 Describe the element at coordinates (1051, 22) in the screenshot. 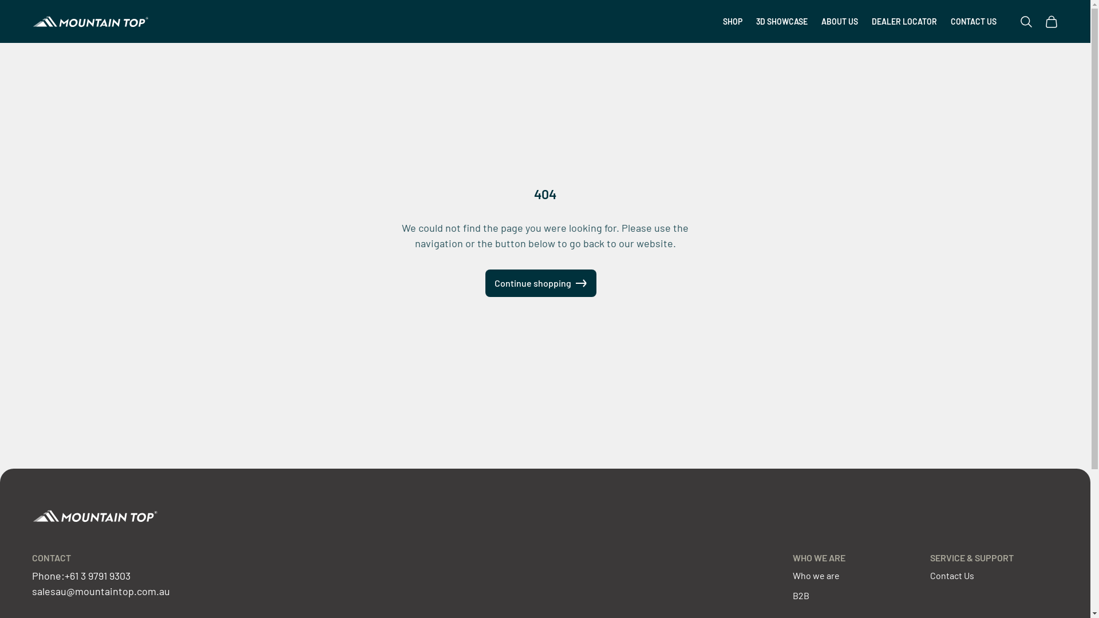

I see `'Open cart'` at that location.